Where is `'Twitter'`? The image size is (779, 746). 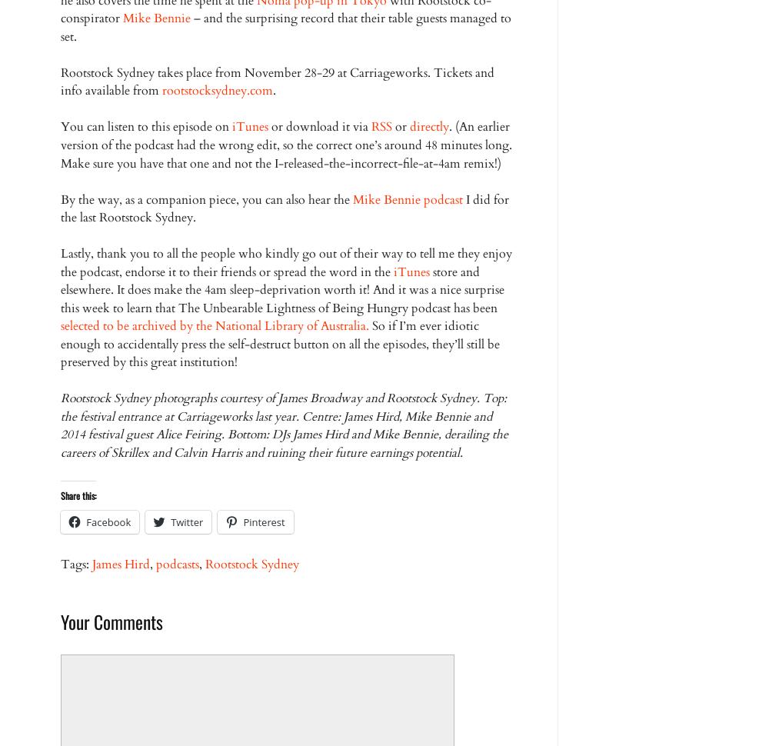
'Twitter' is located at coordinates (186, 522).